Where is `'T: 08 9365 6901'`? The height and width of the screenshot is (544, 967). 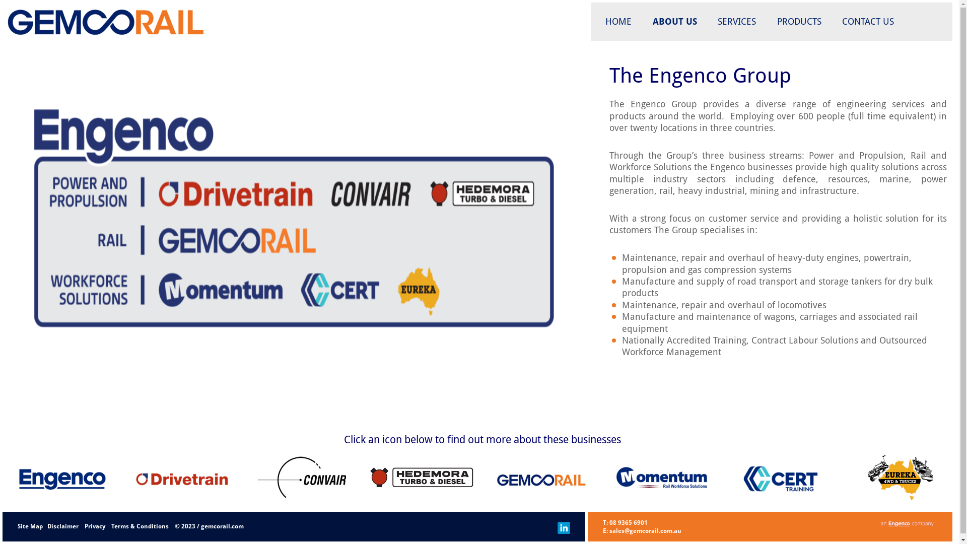 'T: 08 9365 6901' is located at coordinates (602, 522).